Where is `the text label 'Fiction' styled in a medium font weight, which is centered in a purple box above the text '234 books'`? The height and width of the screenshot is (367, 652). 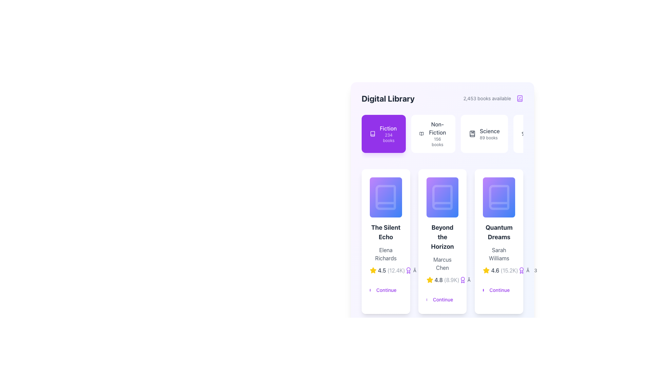
the text label 'Fiction' styled in a medium font weight, which is centered in a purple box above the text '234 books' is located at coordinates (388, 128).